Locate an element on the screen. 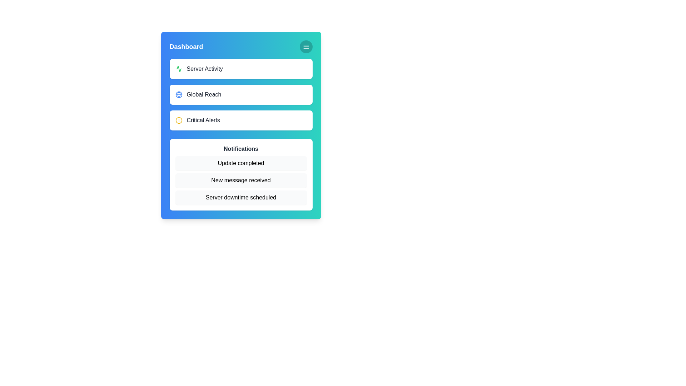 The width and height of the screenshot is (686, 386). the circular menu button with a black background and white icon located in the top-right corner of the Dashboard header to observe its hover effects is located at coordinates (306, 47).